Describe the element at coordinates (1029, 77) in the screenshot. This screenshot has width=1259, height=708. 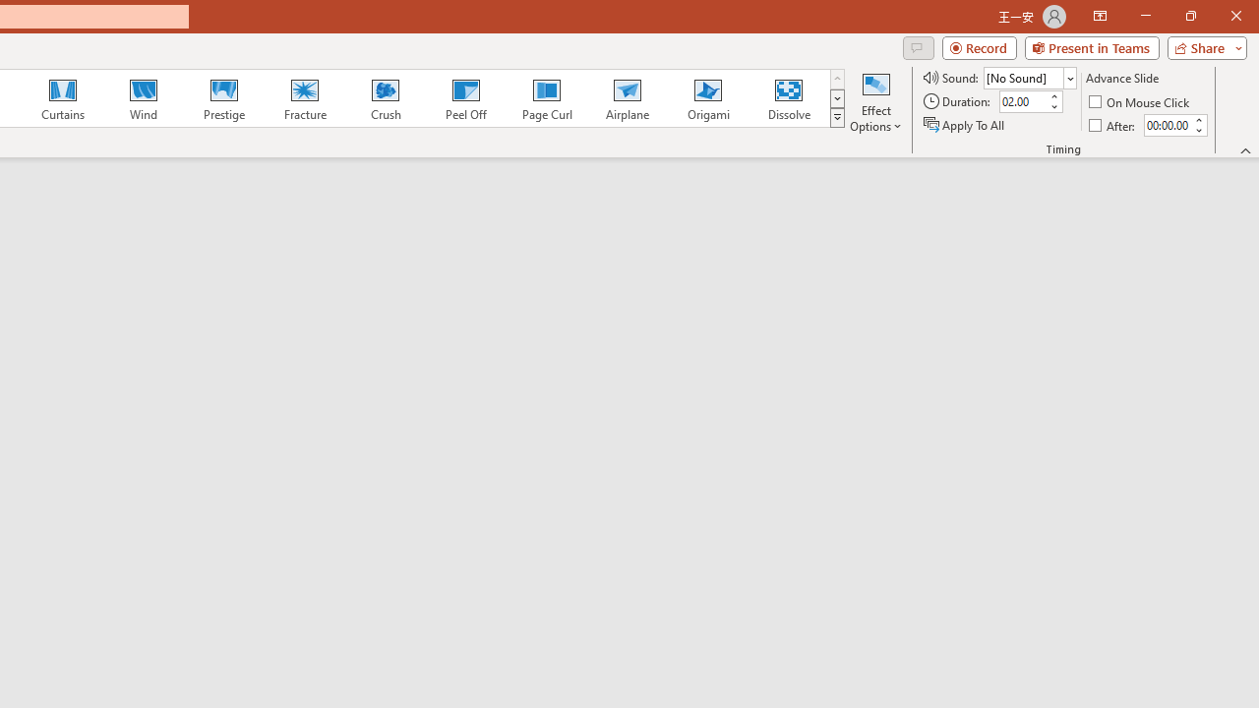
I see `'Sound'` at that location.